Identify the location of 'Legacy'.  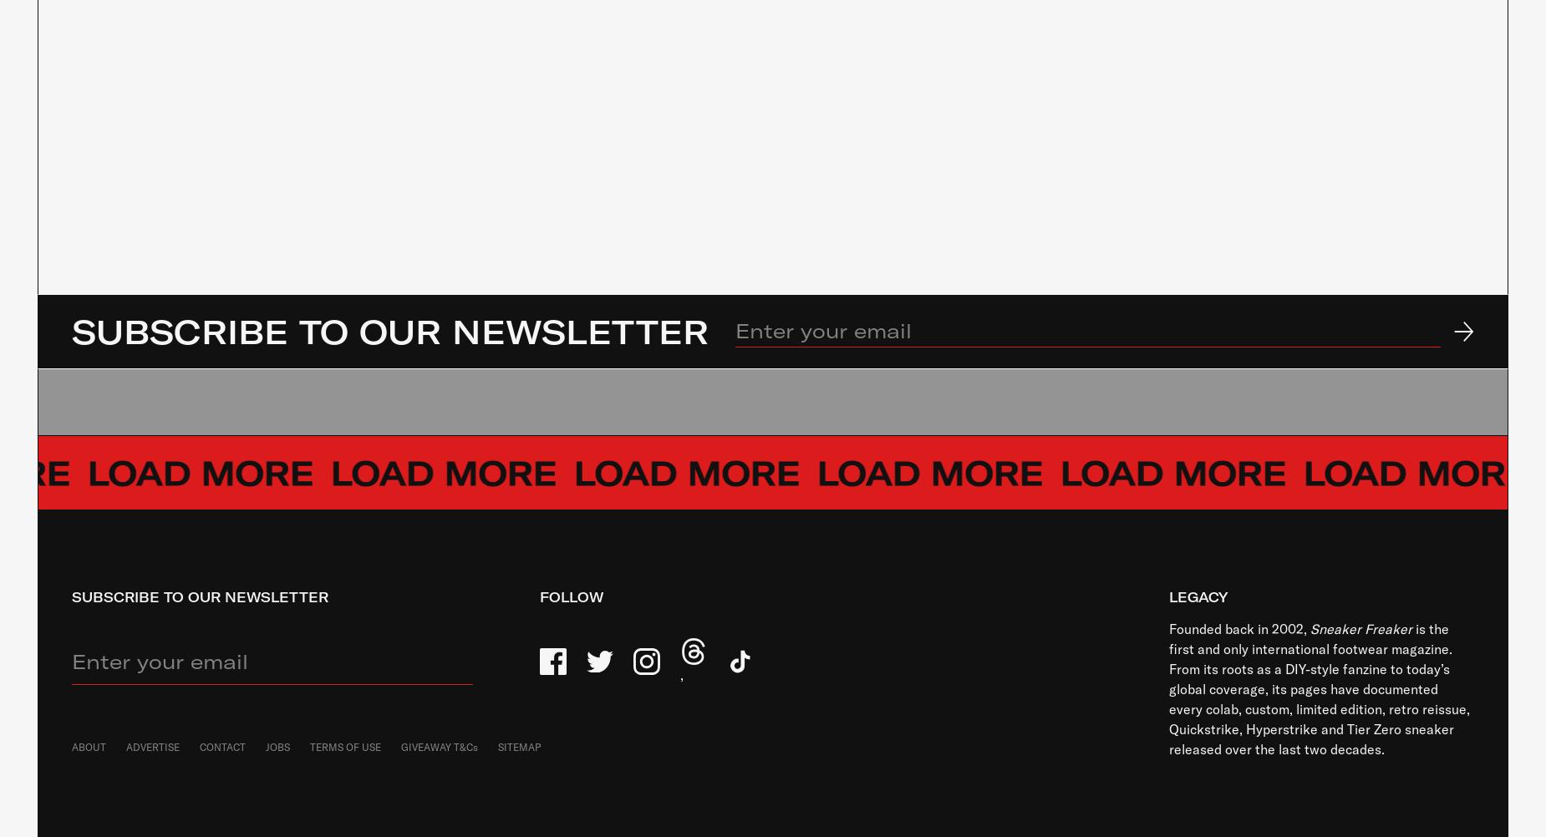
(1198, 596).